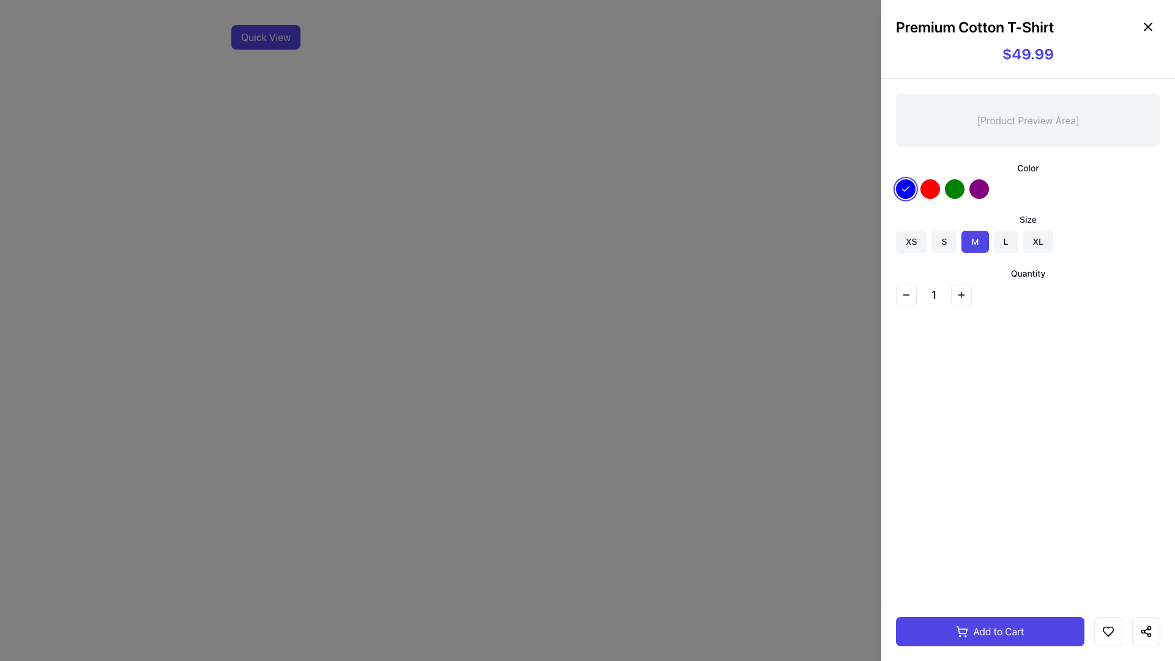 The height and width of the screenshot is (661, 1175). What do you see at coordinates (961, 630) in the screenshot?
I see `the shopping cart icon within the 'Add to Cart' button located at the bottom-right of the interface` at bounding box center [961, 630].